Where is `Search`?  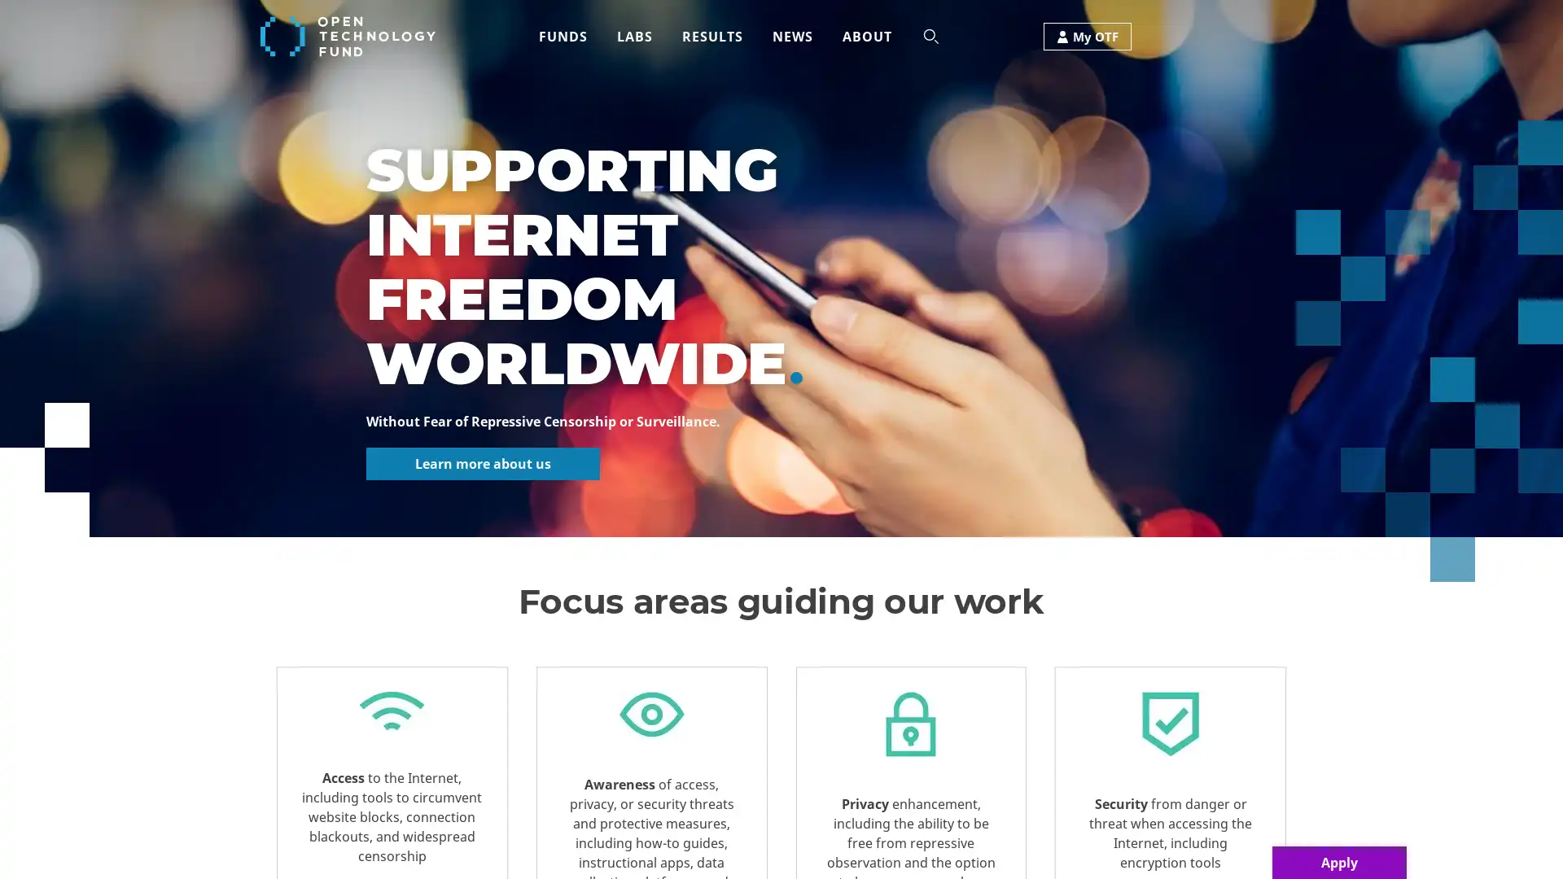 Search is located at coordinates (687, 96).